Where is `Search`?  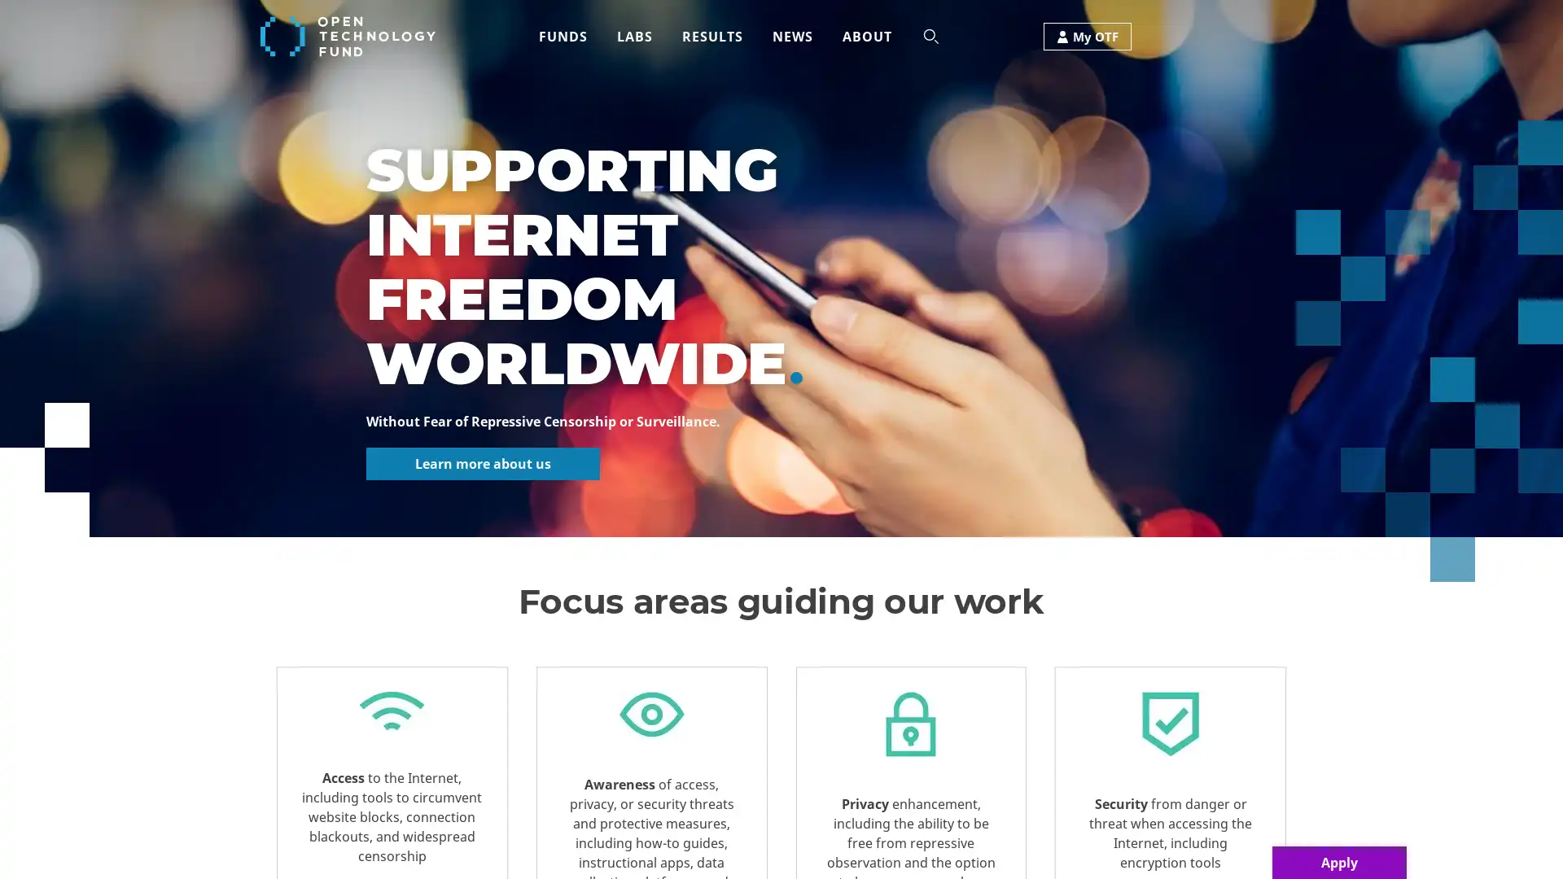 Search is located at coordinates (687, 96).